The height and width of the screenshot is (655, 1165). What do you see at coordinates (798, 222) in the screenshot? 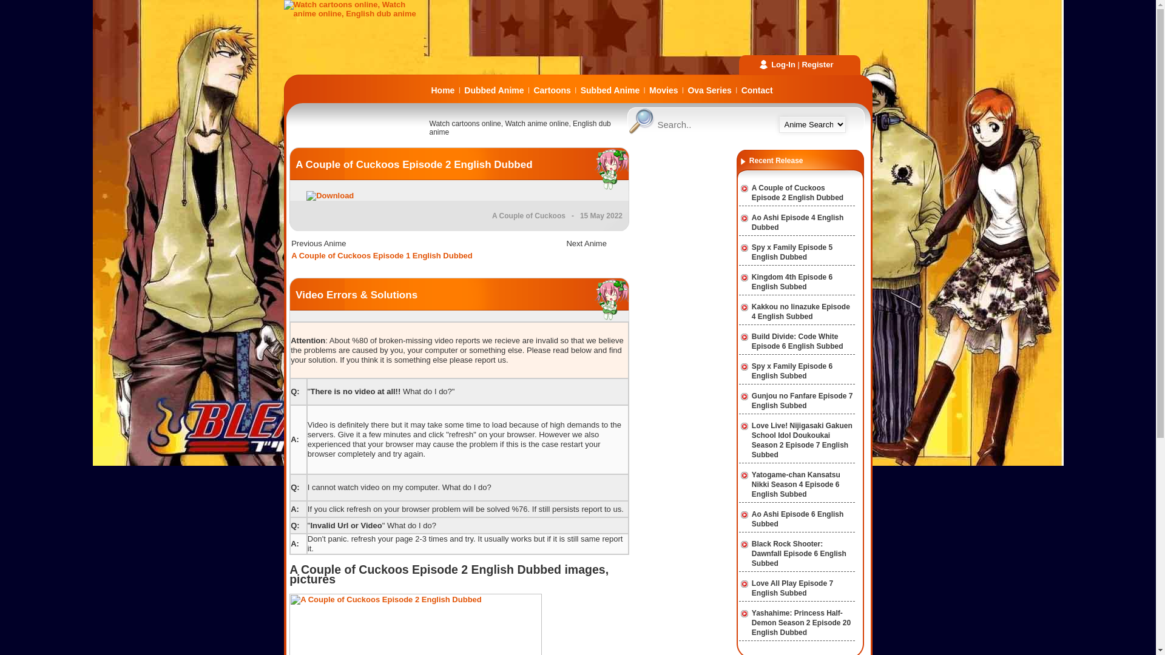
I see `'Ao Ashi Episode 4 English Dubbed'` at bounding box center [798, 222].